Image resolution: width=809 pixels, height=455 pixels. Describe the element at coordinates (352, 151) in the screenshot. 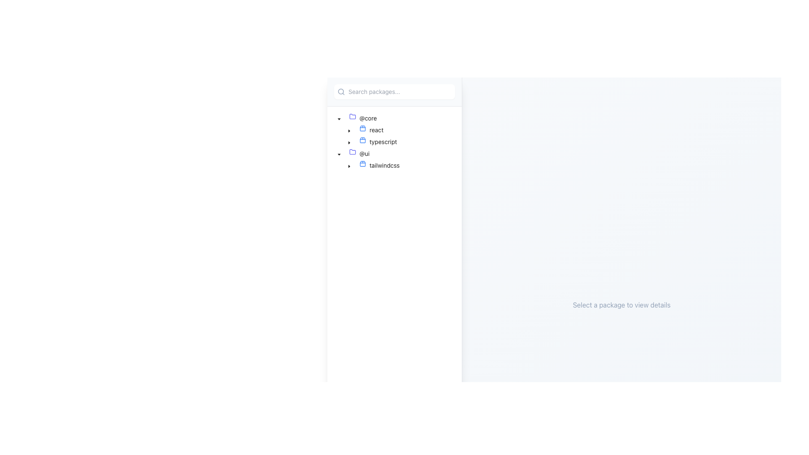

I see `the purple folder icon located within the '@ui' folder group, positioned to the left of the folder title, as it is the first icon in this group` at that location.